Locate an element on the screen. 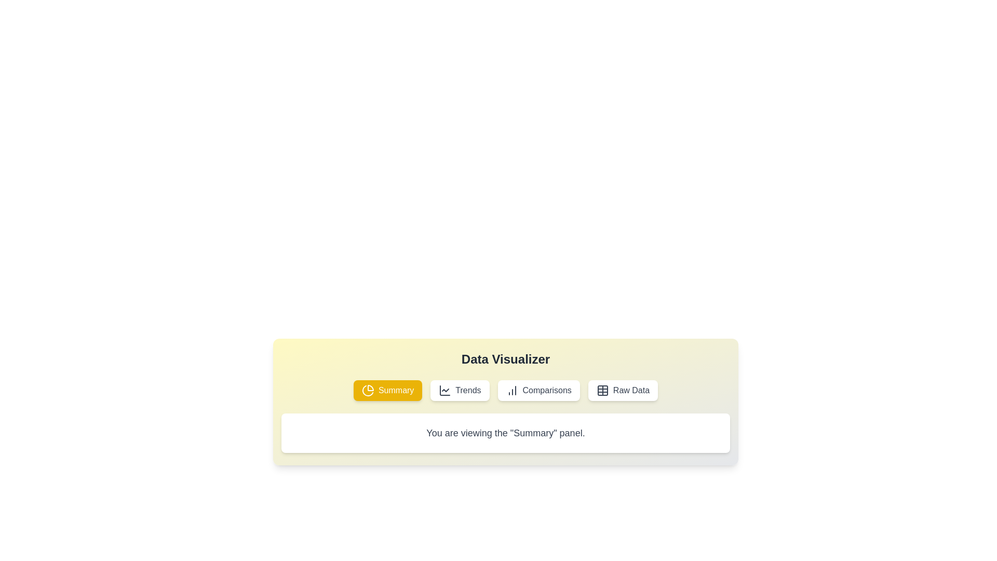 This screenshot has width=997, height=561. text of the label element that serves as the title or heading for the data visualization section, positioned at the top-center above the buttons and descriptive text is located at coordinates (506, 358).